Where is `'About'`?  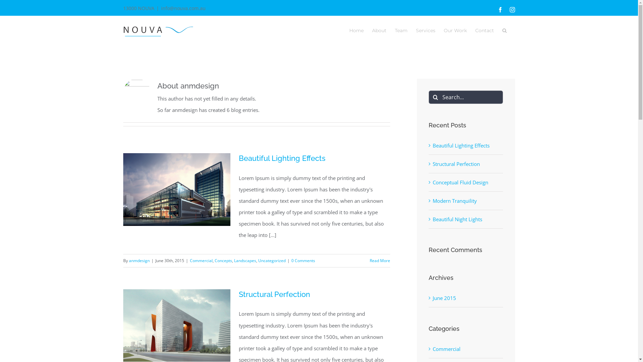
'About' is located at coordinates (371, 29).